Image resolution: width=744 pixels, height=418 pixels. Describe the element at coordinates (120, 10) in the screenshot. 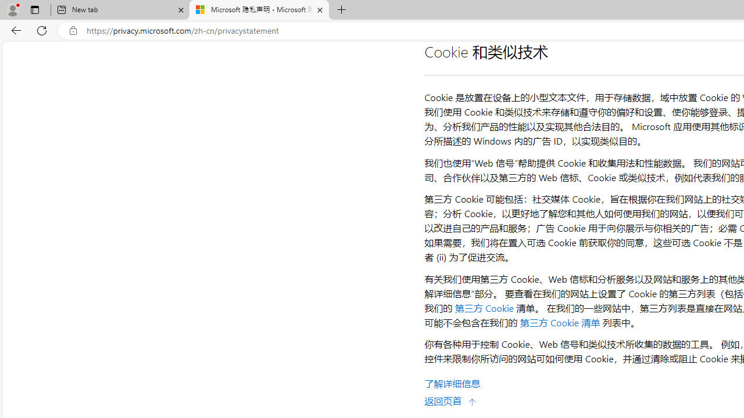

I see `'New tab'` at that location.